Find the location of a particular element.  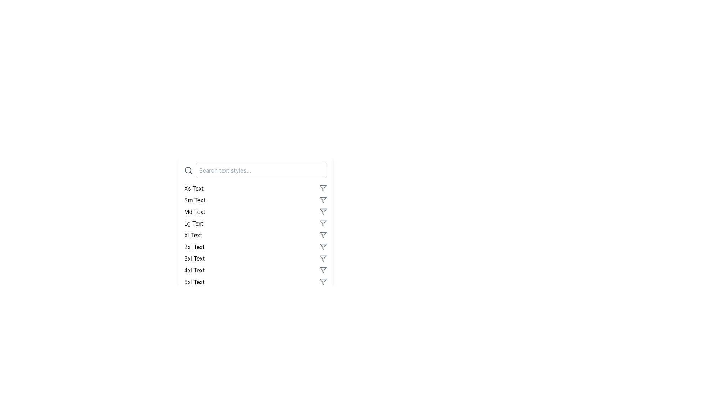

the filter icon located next to the '3xl Text' label to apply filters is located at coordinates (323, 258).